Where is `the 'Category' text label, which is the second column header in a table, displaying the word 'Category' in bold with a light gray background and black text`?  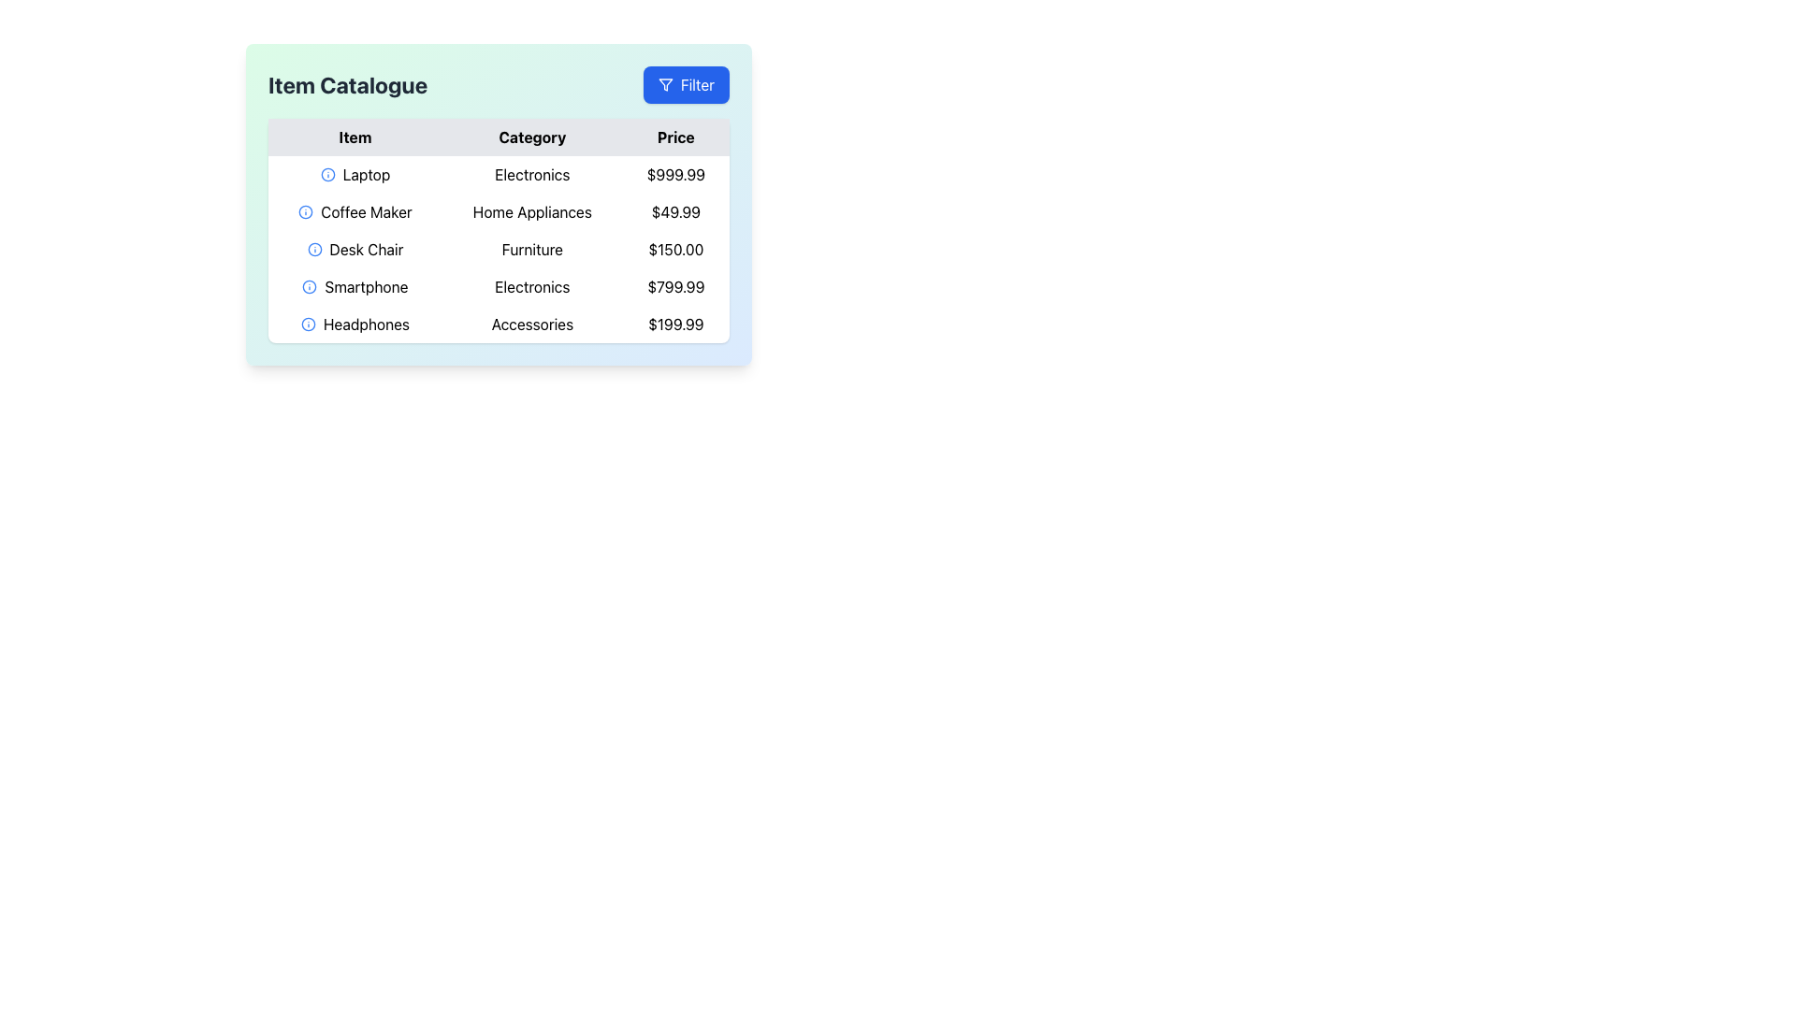
the 'Category' text label, which is the second column header in a table, displaying the word 'Category' in bold with a light gray background and black text is located at coordinates (531, 136).